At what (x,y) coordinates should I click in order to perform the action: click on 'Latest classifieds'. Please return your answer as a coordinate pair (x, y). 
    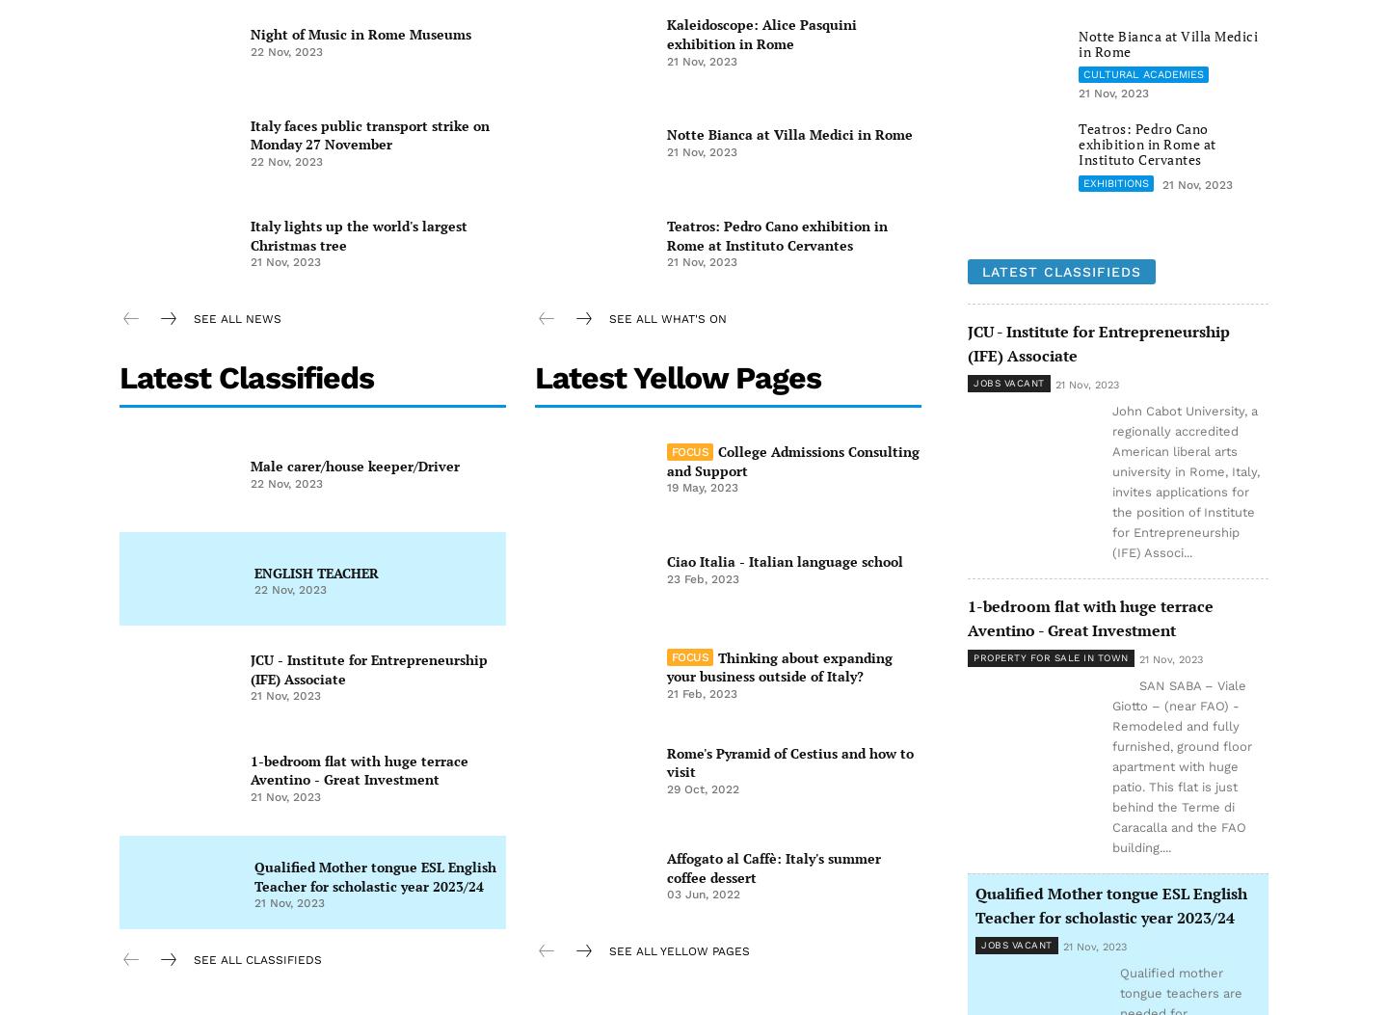
    Looking at the image, I should click on (1060, 270).